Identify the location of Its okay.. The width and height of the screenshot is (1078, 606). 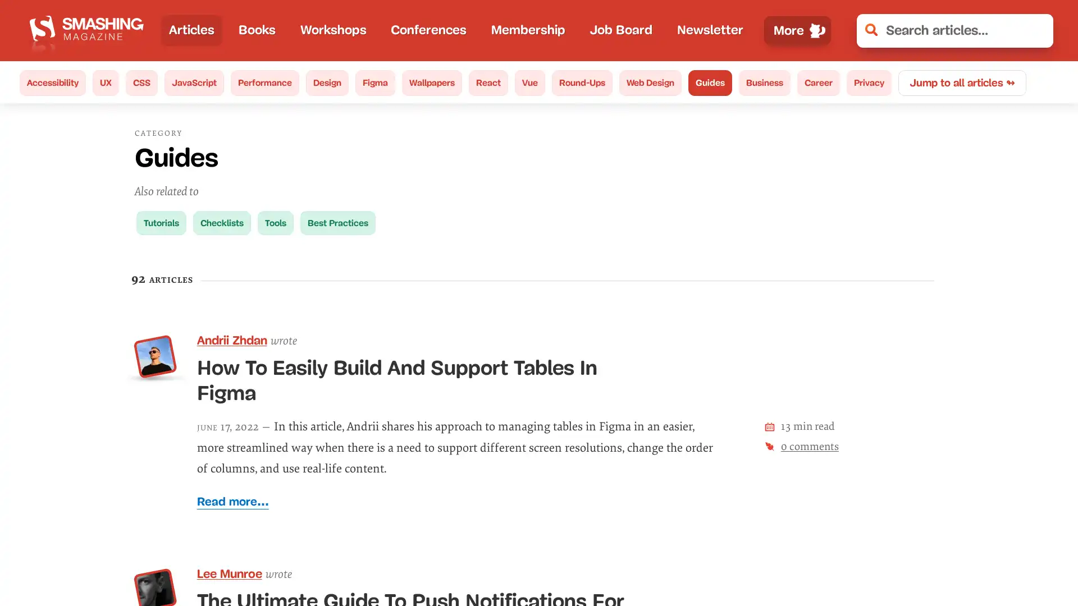
(993, 561).